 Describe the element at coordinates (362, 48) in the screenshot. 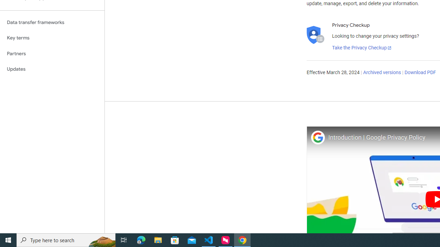

I see `'Take the Privacy Checkup'` at that location.